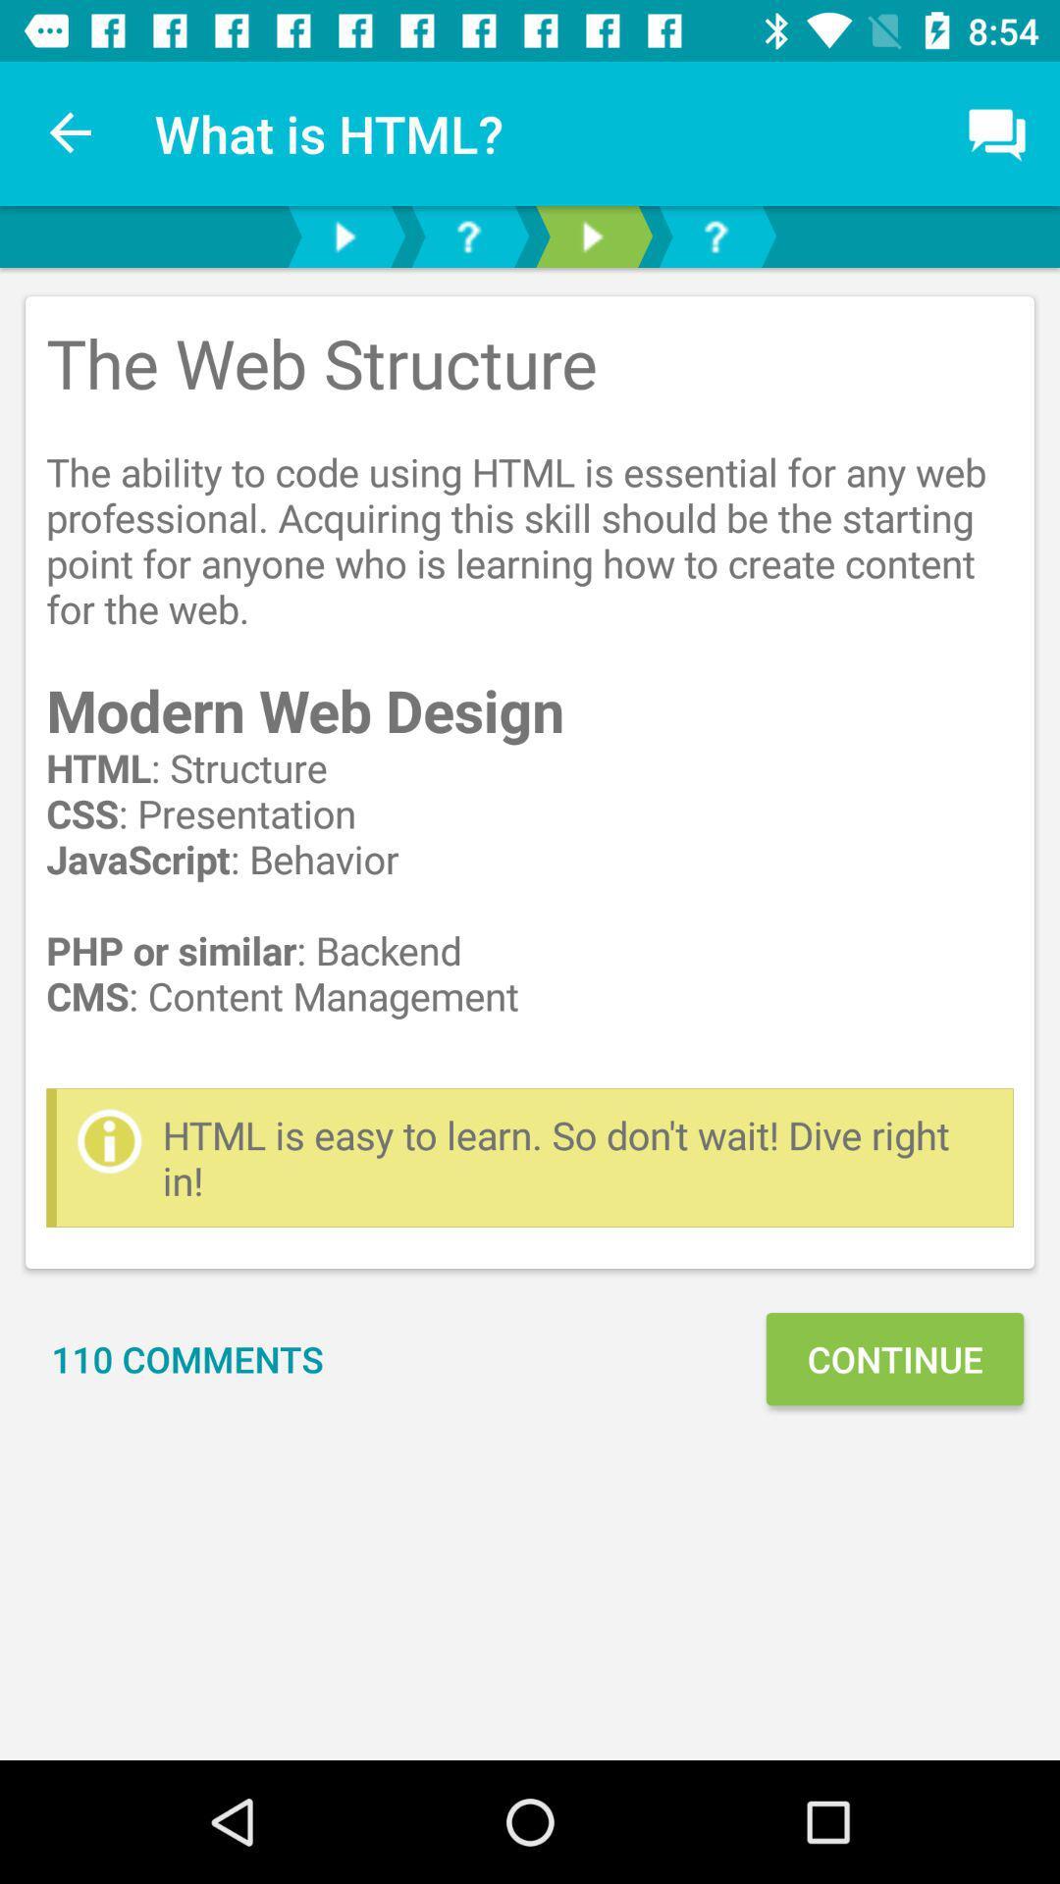 The image size is (1060, 1884). Describe the element at coordinates (715, 235) in the screenshot. I see `the fourth icon below text what is html` at that location.